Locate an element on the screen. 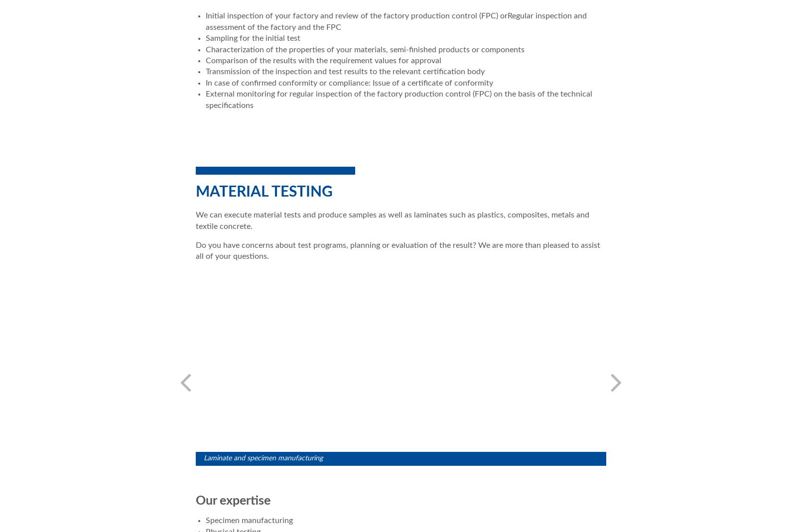  'Do you have concerns about test programs, planning or evaluation of the result? We are more than pleased to assist all of your questions.' is located at coordinates (398, 250).